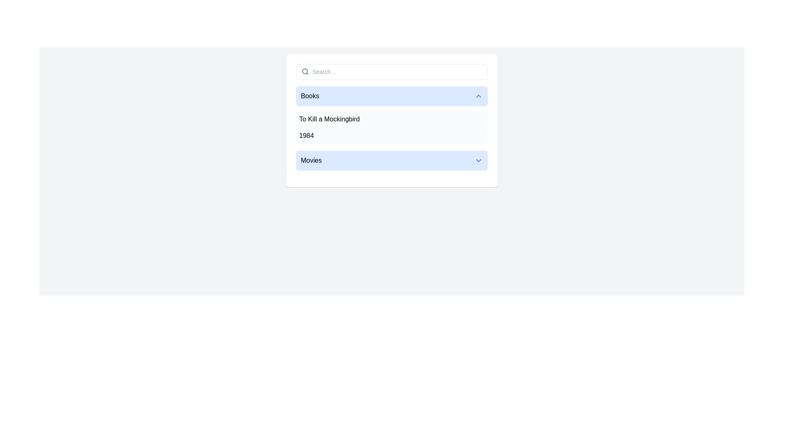  Describe the element at coordinates (478, 95) in the screenshot. I see `the collapse icon located on the rightmost side of the 'Books' section to change its state from expanded` at that location.